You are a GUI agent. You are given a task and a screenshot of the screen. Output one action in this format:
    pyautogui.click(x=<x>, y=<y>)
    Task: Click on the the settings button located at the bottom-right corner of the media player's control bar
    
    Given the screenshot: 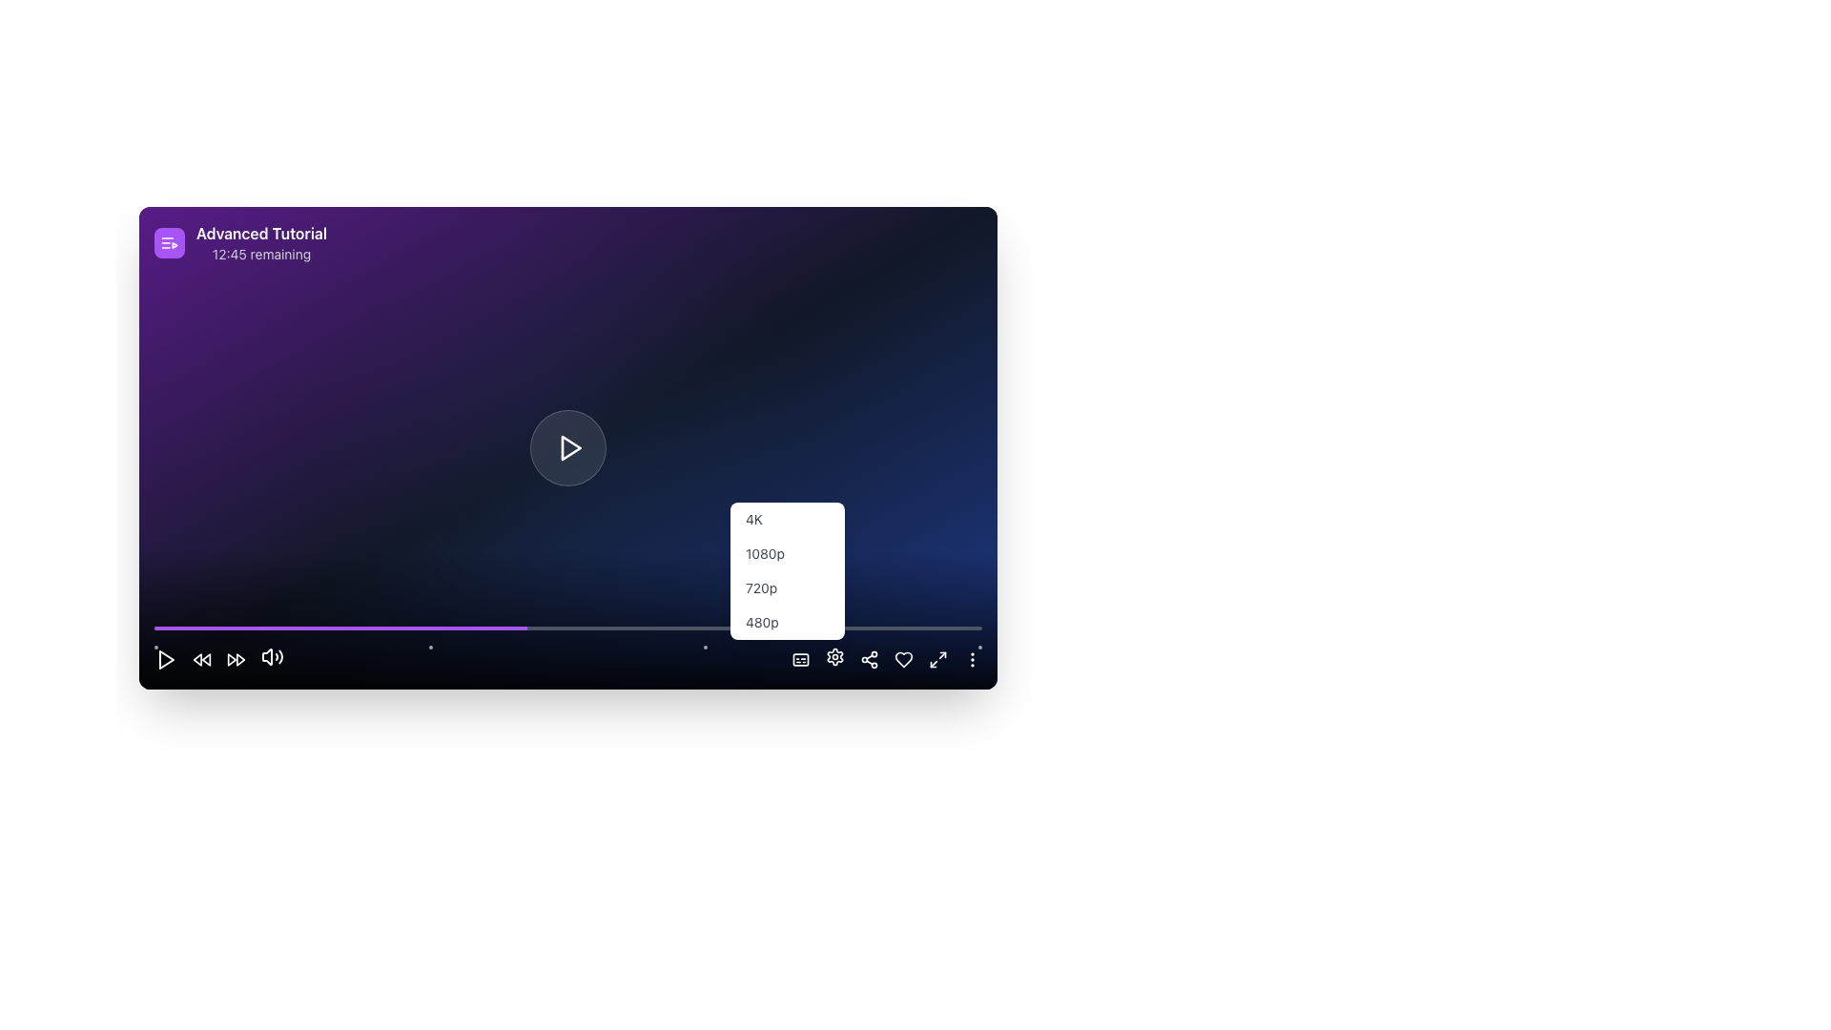 What is the action you would take?
    pyautogui.click(x=834, y=656)
    